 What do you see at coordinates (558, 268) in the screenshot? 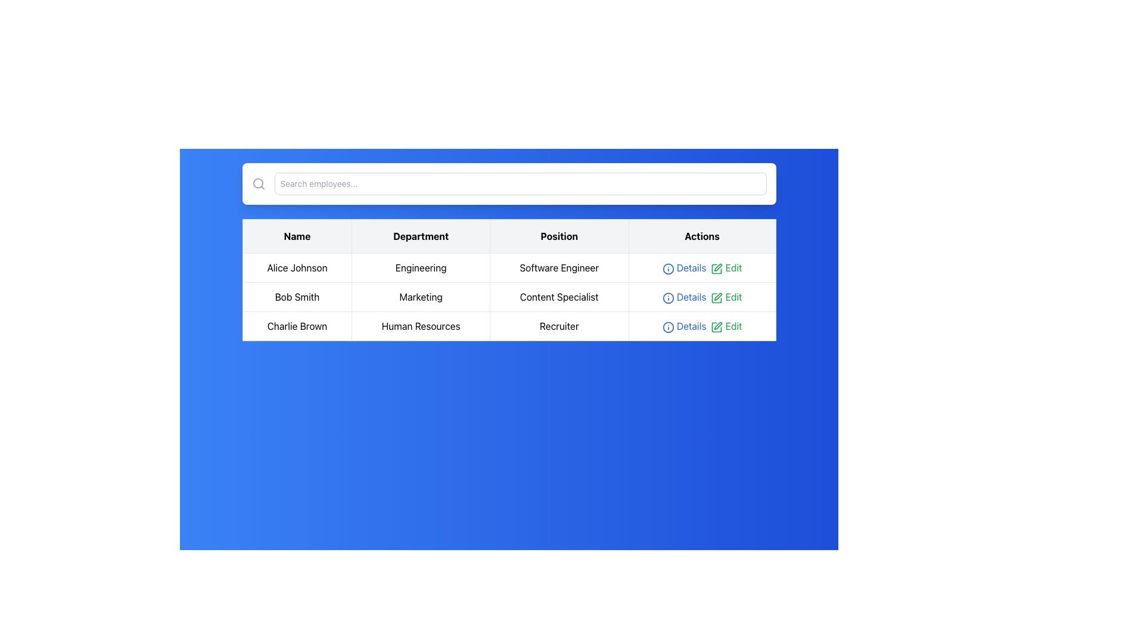
I see `the text label displaying 'Software Engineer', which is styled with padding and a border, and is located in the 'Position' column of the table aligned with the 'Engineering' department row` at bounding box center [558, 268].